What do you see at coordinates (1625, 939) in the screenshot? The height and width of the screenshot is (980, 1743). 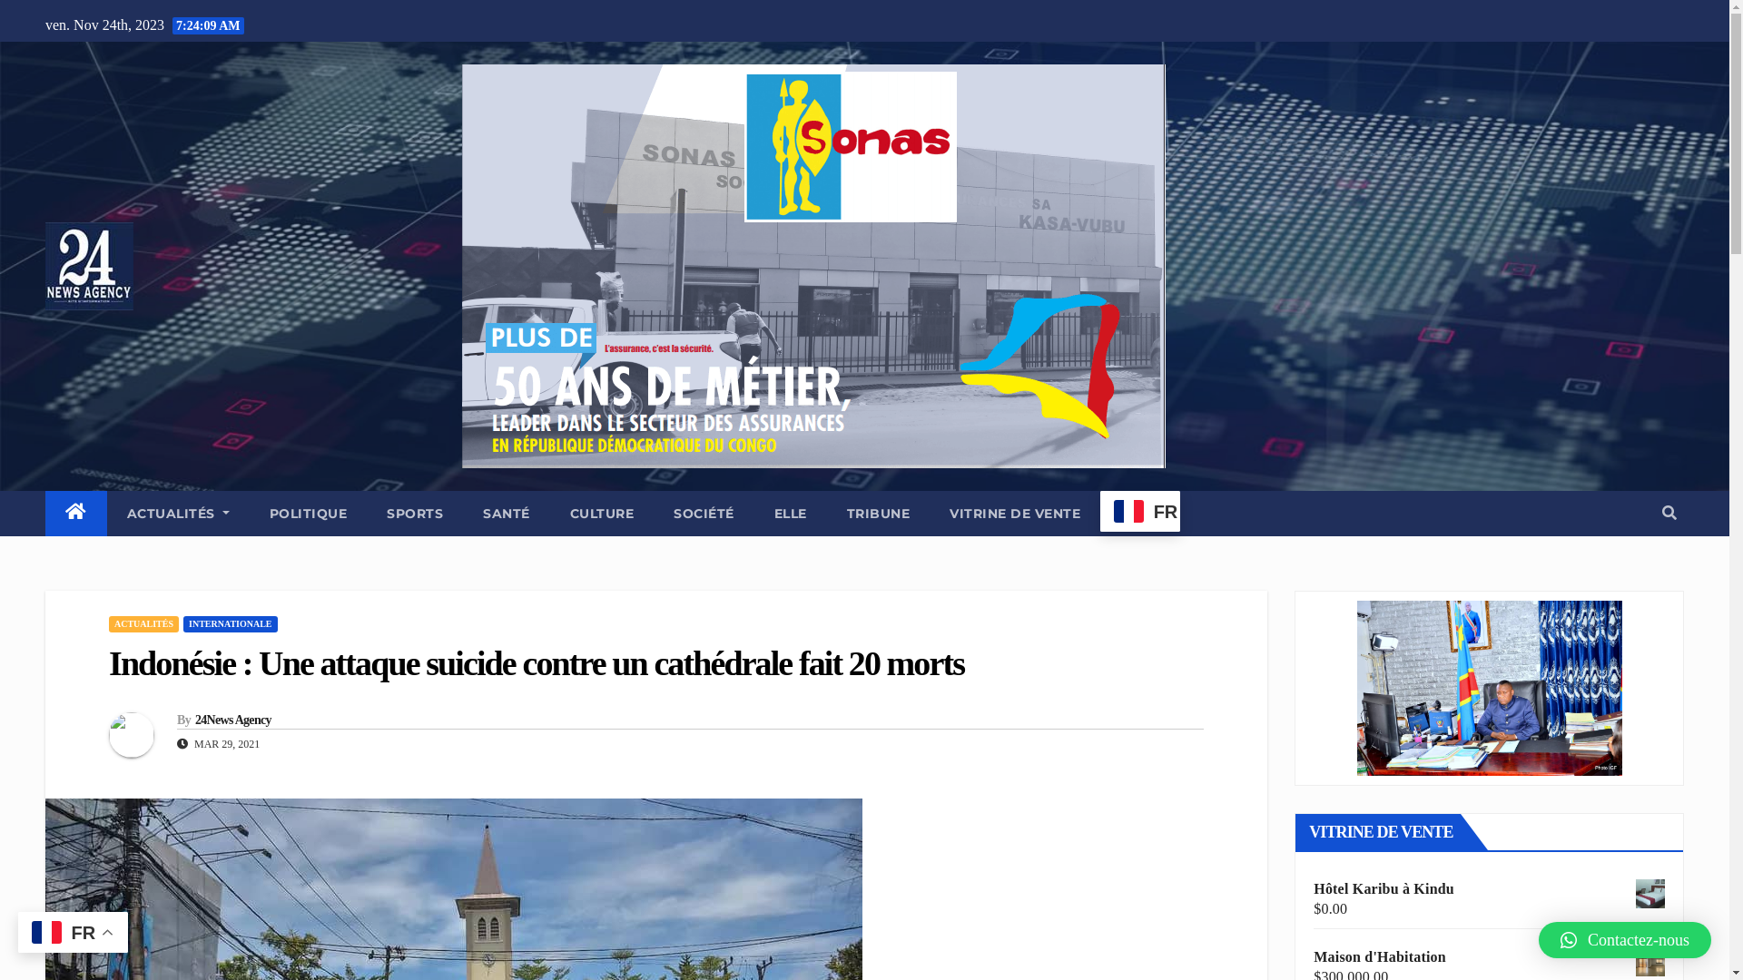 I see `'Contactez-nous'` at bounding box center [1625, 939].